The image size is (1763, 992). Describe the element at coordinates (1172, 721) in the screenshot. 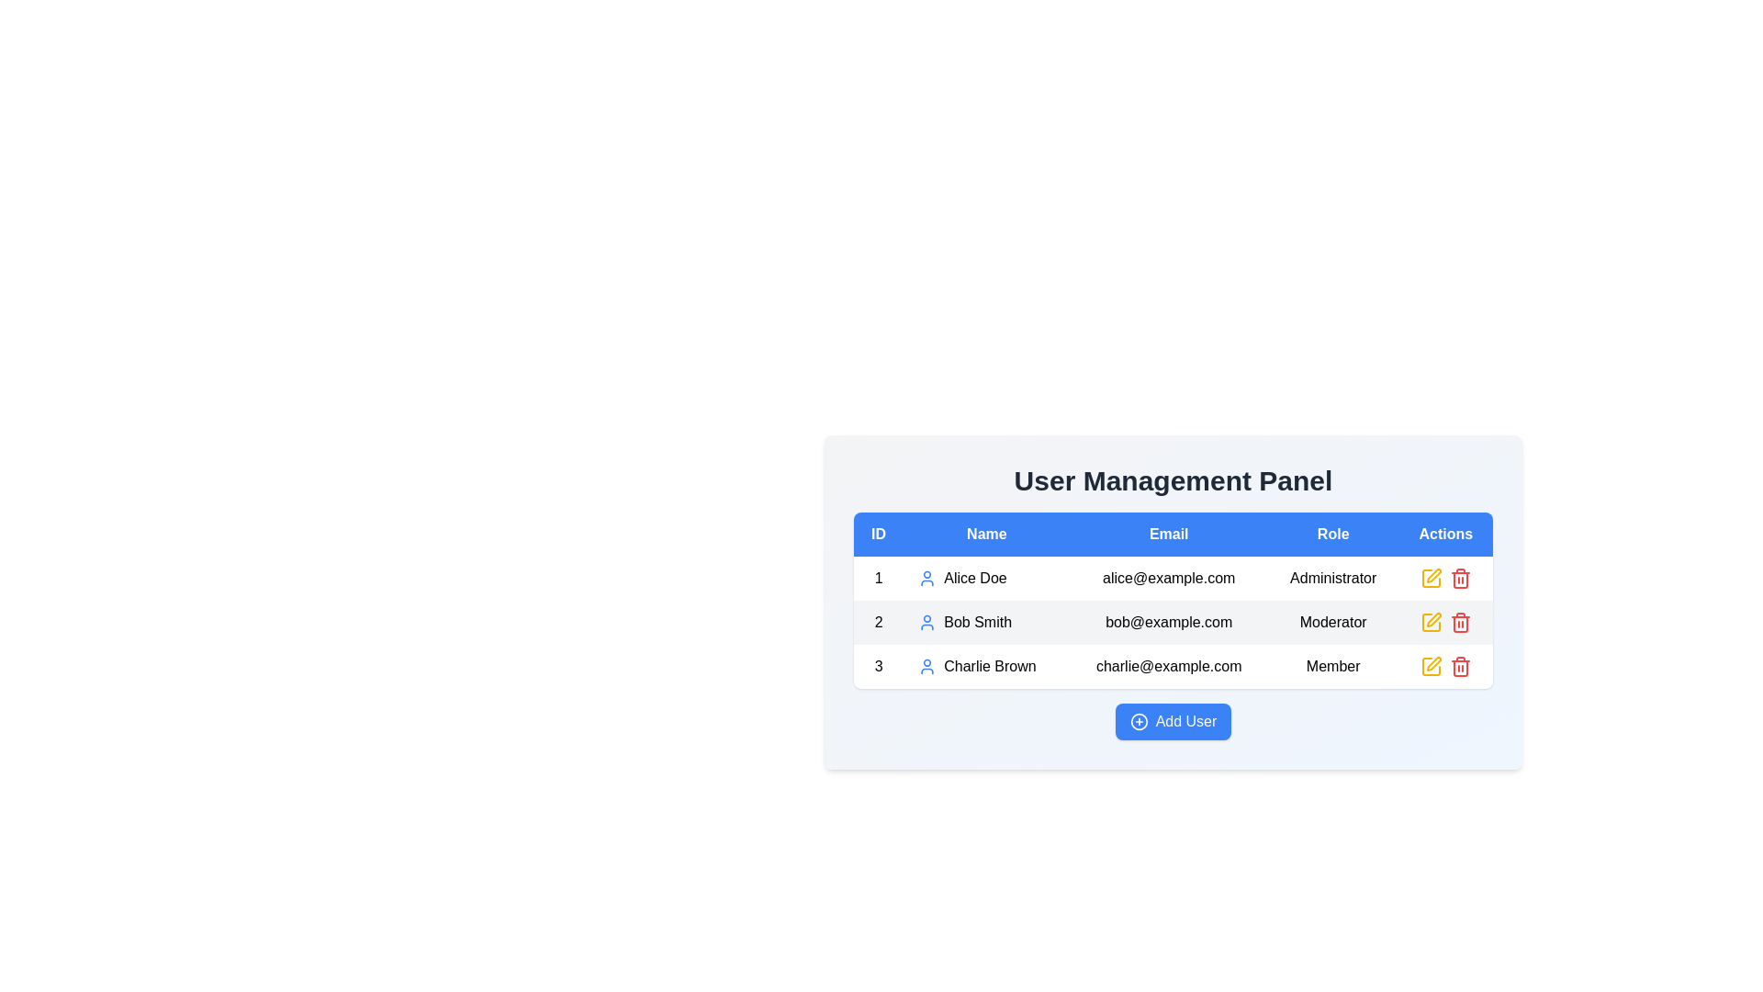

I see `the blue 'Add User' button located below the user information table` at that location.